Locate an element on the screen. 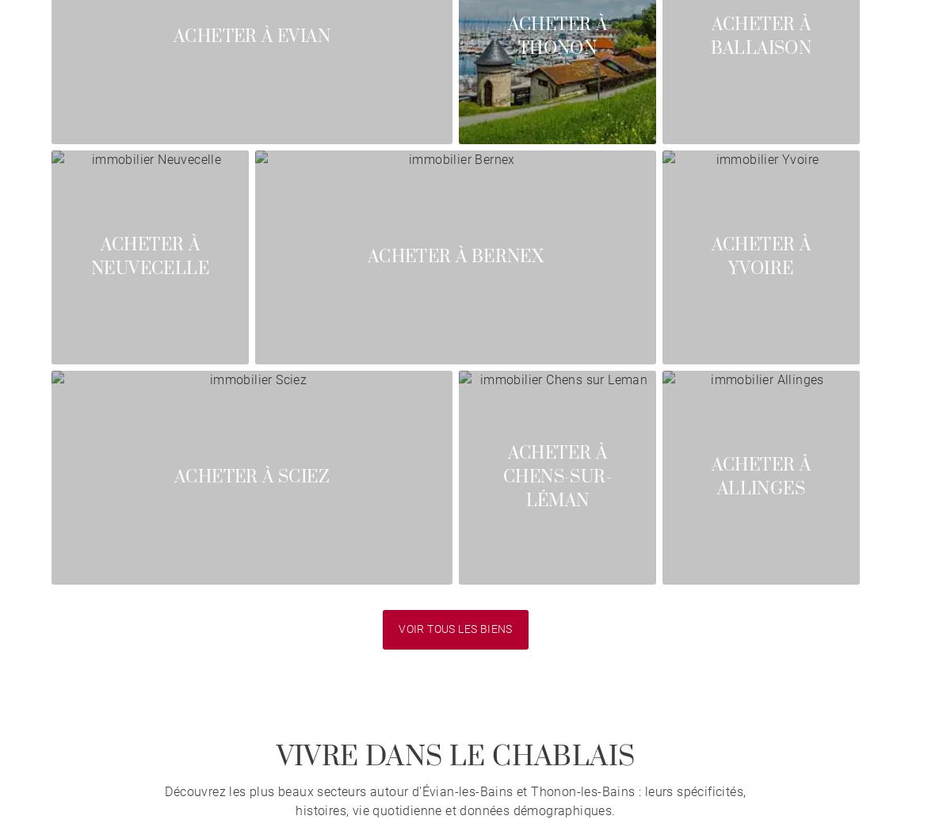  'Acheter à Evian' is located at coordinates (173, 36).